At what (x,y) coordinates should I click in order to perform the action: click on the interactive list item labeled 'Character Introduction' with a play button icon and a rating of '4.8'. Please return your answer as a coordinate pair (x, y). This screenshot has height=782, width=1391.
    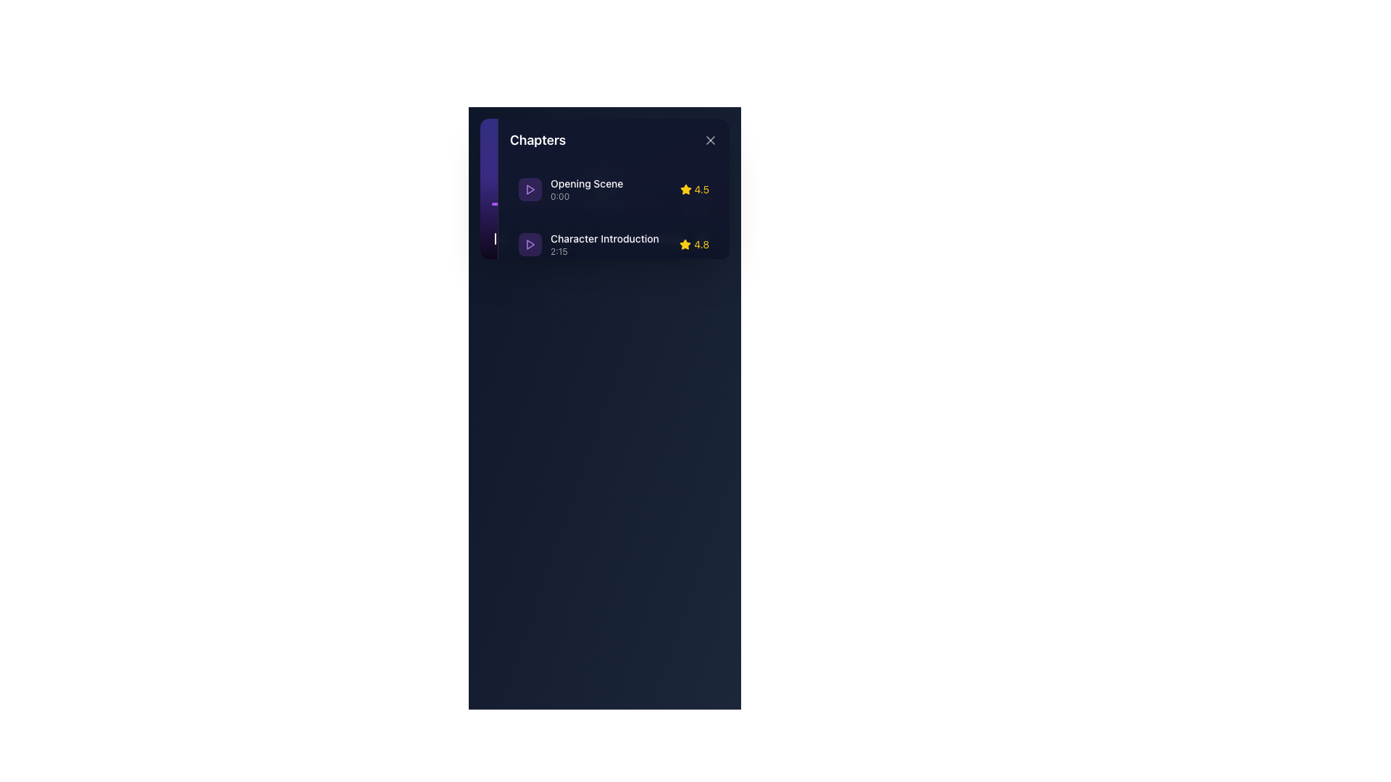
    Looking at the image, I should click on (614, 244).